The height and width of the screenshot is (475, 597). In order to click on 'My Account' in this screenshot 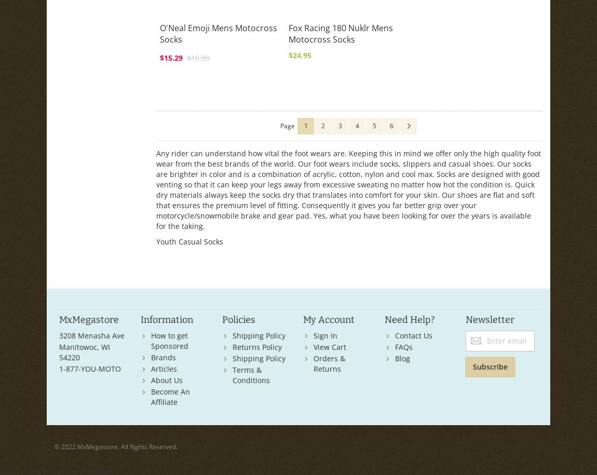, I will do `click(328, 319)`.